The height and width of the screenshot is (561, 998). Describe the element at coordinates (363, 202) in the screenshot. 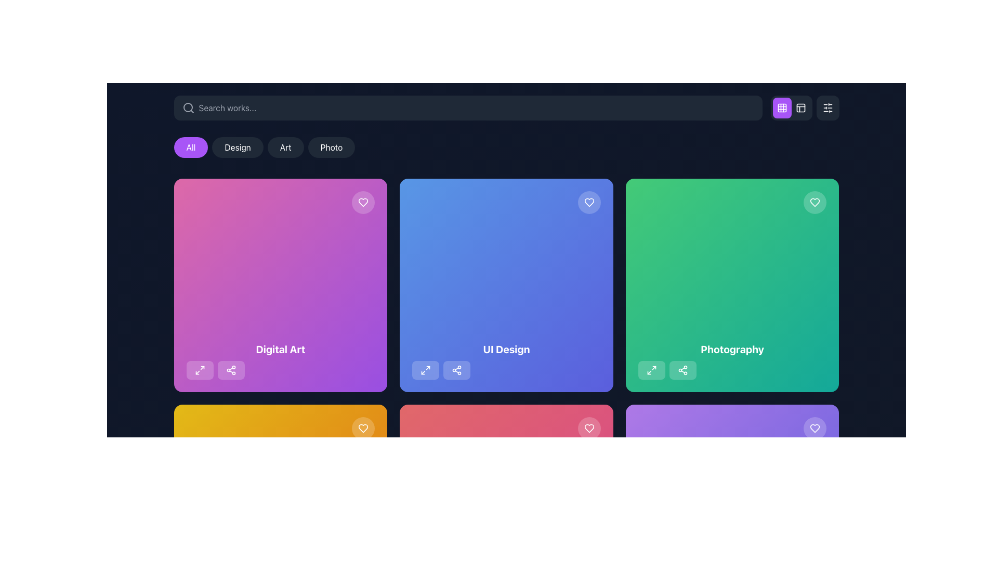

I see `the heart icon located at the center of the circular button in the top-right corner of the 'Digital Art' card to mark the content as preferred or saved` at that location.